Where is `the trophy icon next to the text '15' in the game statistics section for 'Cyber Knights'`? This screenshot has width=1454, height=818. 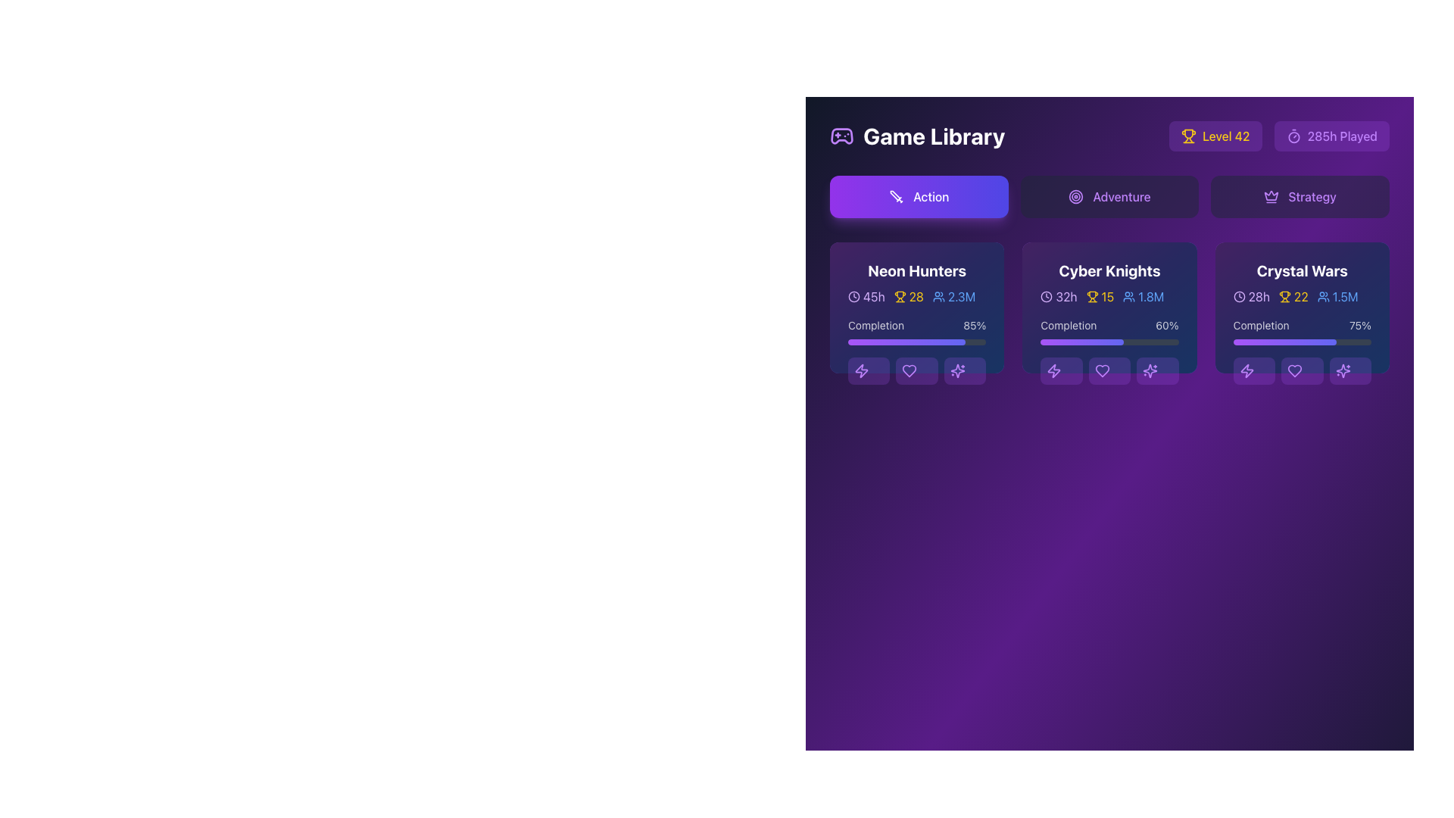
the trophy icon next to the text '15' in the game statistics section for 'Cyber Knights' is located at coordinates (1092, 297).